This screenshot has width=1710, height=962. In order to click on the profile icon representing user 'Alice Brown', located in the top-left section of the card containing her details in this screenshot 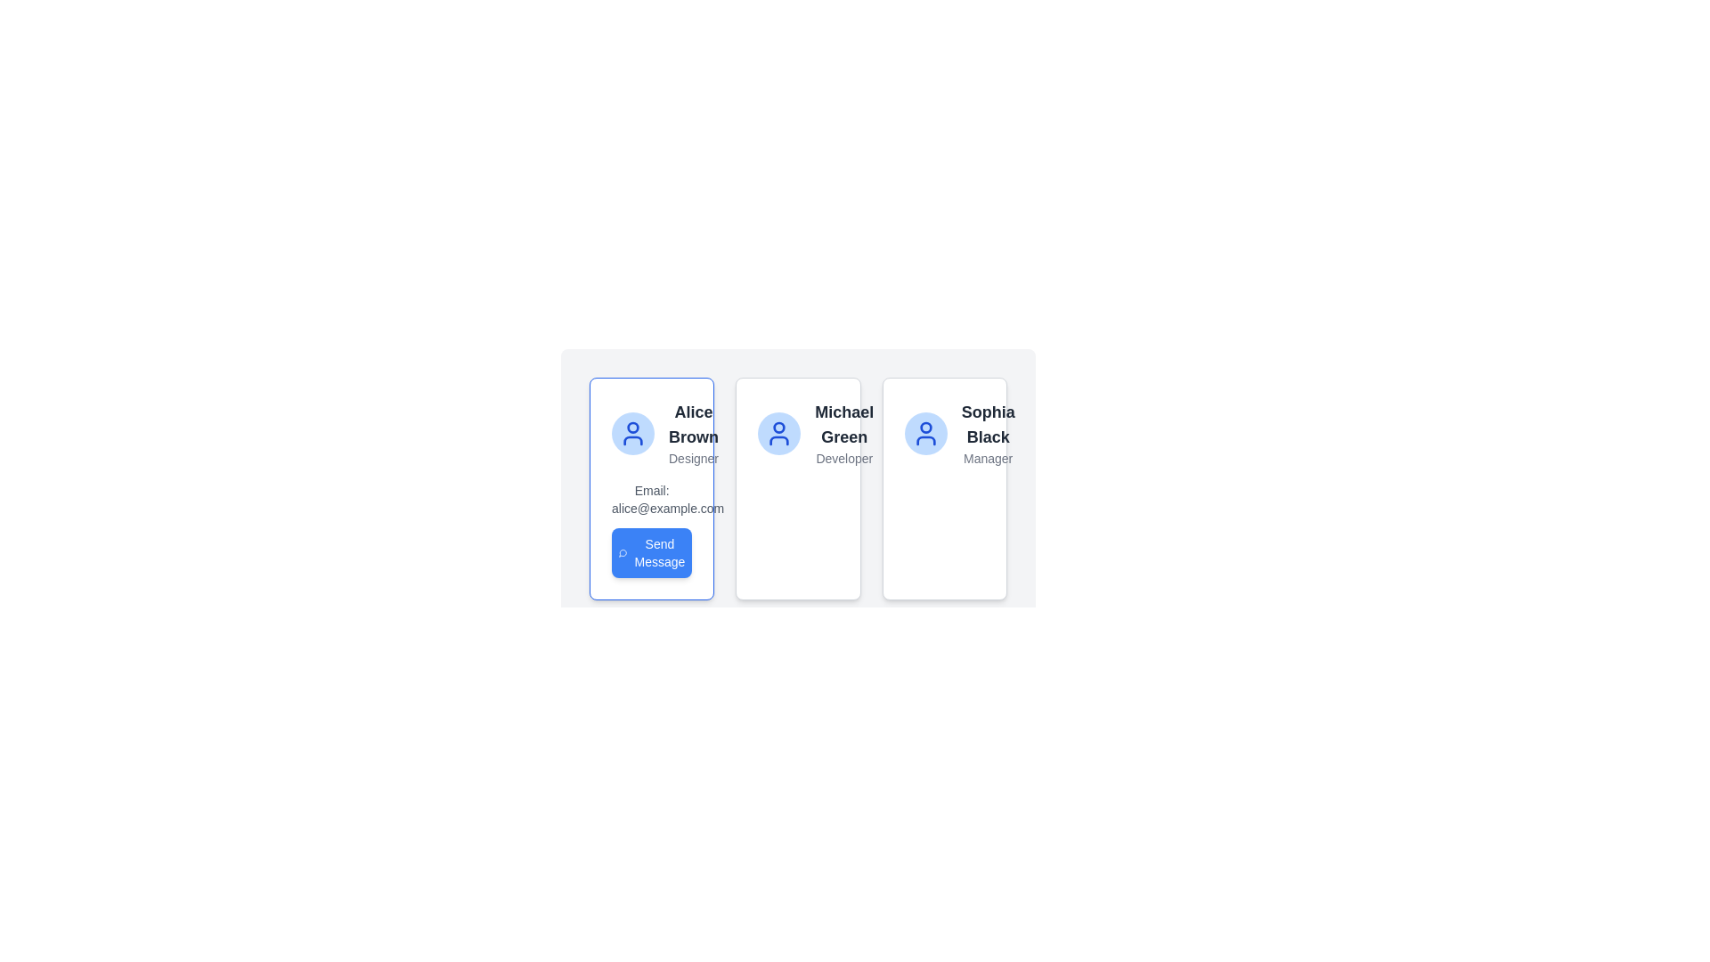, I will do `click(651, 433)`.